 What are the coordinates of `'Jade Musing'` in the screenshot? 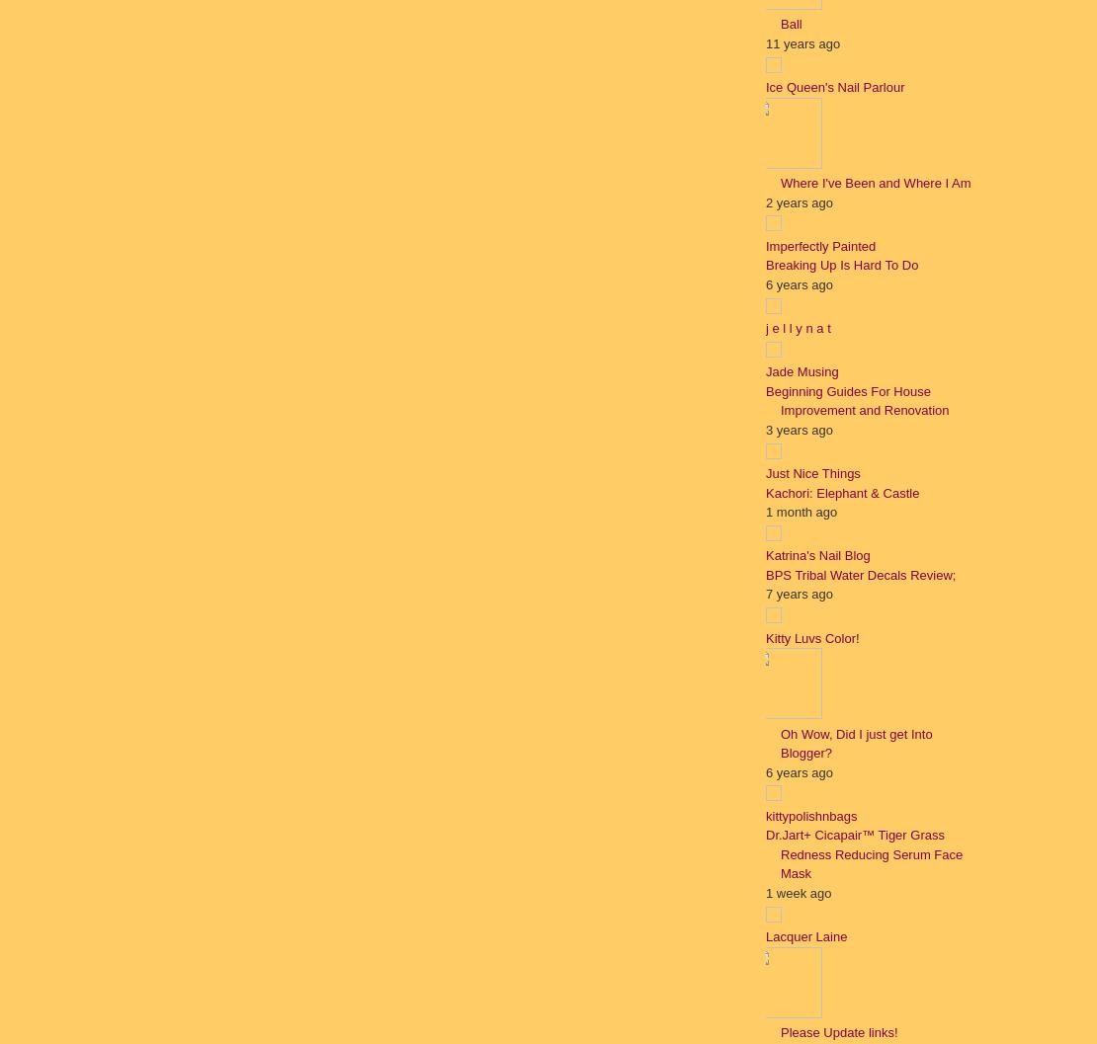 It's located at (802, 371).